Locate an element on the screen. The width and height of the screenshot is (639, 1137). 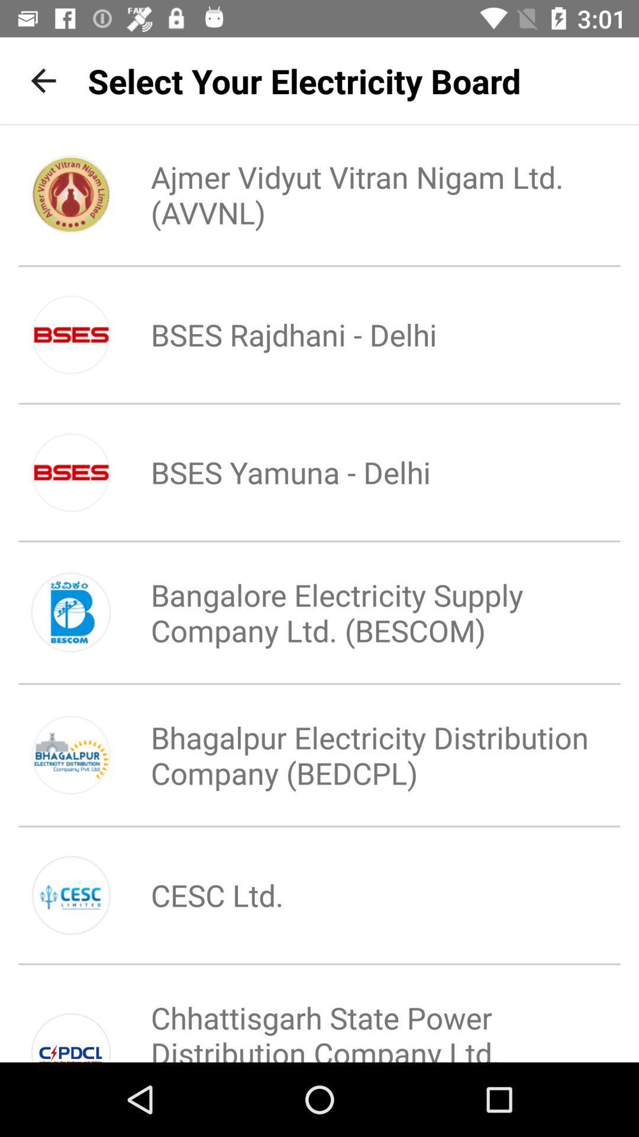
the bangalore electricity supply item is located at coordinates (359, 612).